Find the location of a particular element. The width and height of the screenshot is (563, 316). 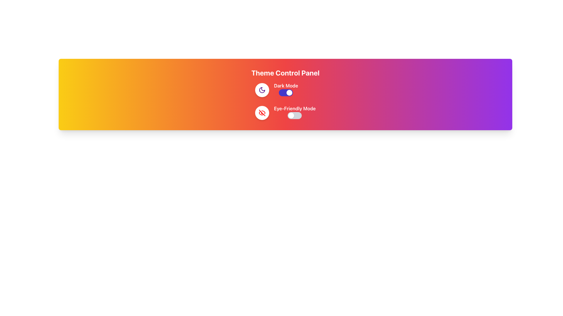

the toggle knob on the second toggle switch of the 'Theme Control Panel' interface is located at coordinates (291, 115).